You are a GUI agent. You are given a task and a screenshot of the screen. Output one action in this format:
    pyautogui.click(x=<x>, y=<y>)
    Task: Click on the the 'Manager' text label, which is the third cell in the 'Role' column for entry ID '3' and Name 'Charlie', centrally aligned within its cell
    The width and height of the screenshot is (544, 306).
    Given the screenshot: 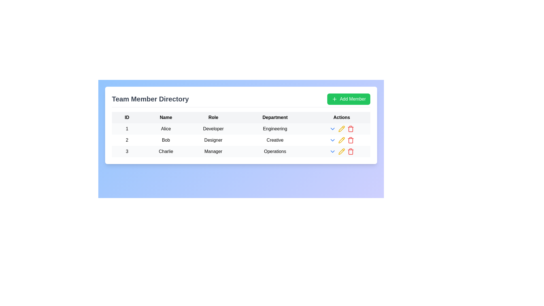 What is the action you would take?
    pyautogui.click(x=213, y=151)
    